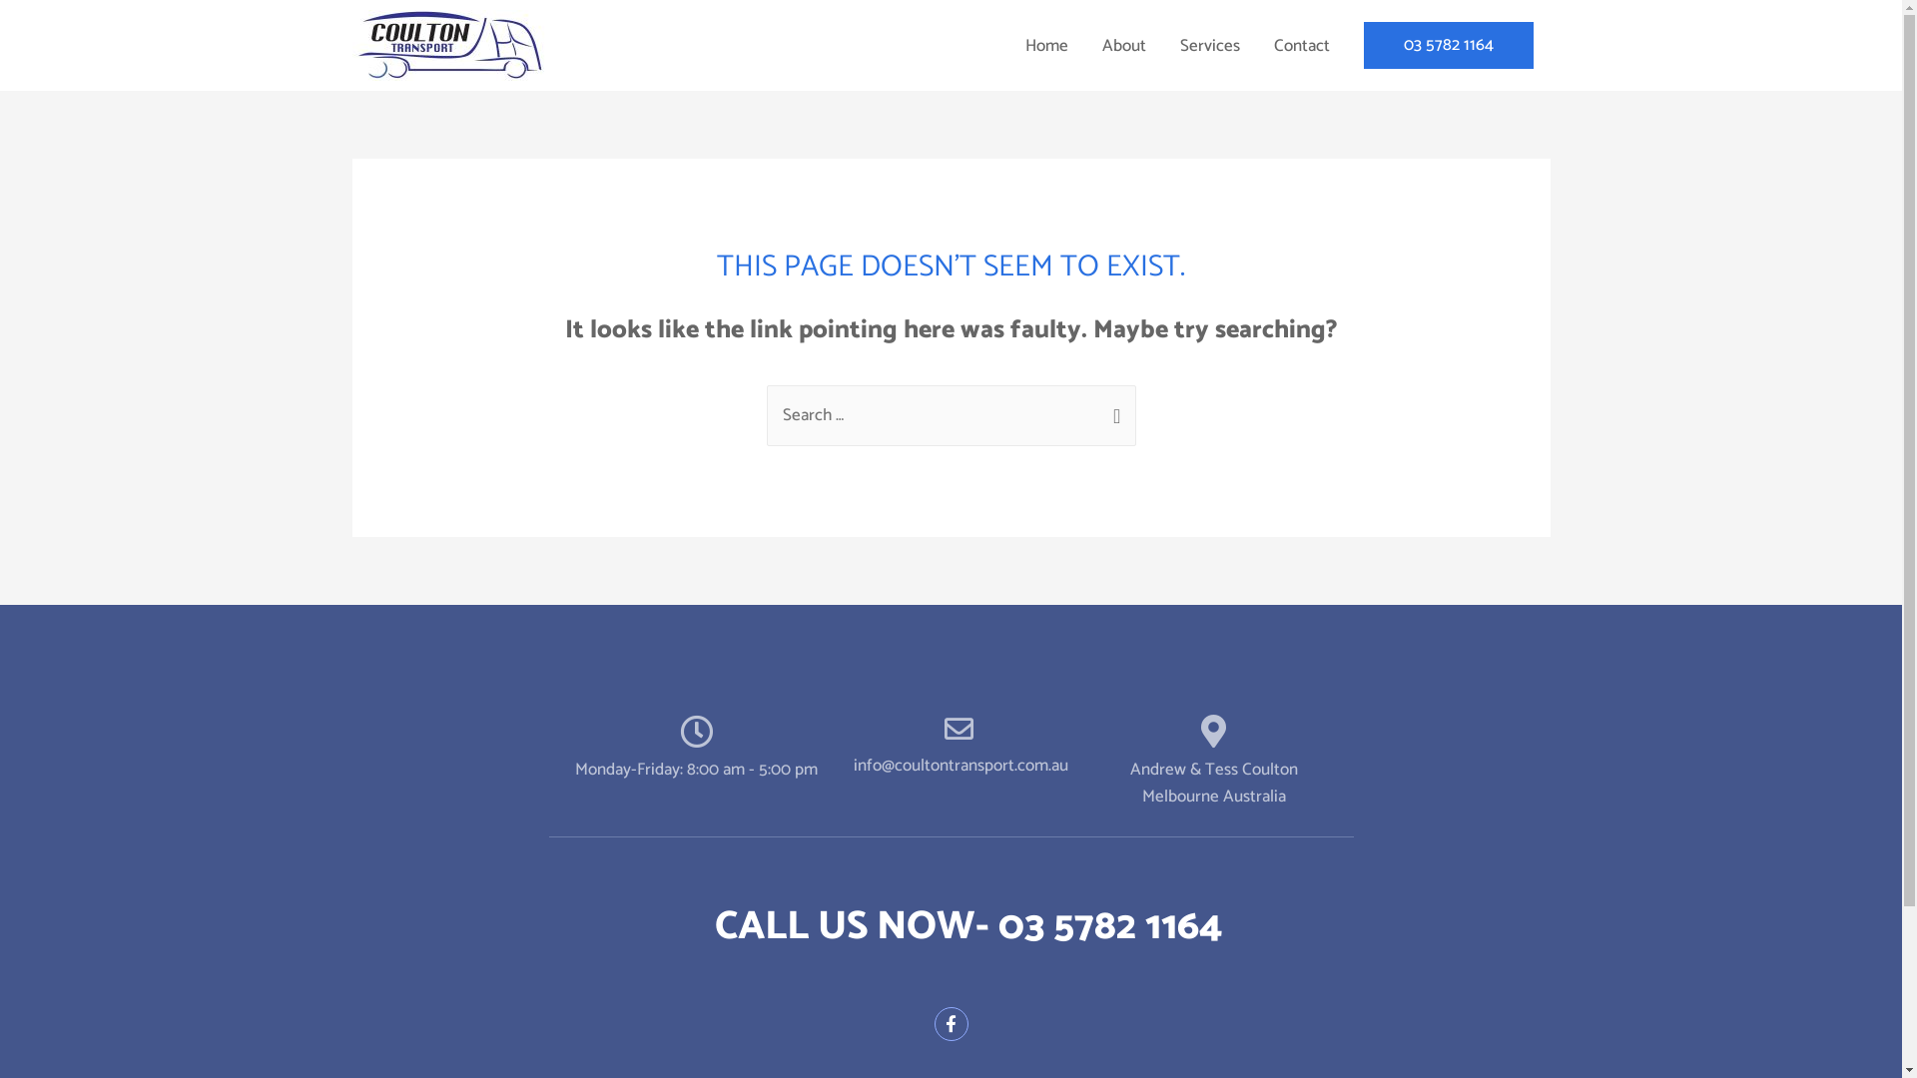 The width and height of the screenshot is (1917, 1078). Describe the element at coordinates (1122, 45) in the screenshot. I see `'About'` at that location.